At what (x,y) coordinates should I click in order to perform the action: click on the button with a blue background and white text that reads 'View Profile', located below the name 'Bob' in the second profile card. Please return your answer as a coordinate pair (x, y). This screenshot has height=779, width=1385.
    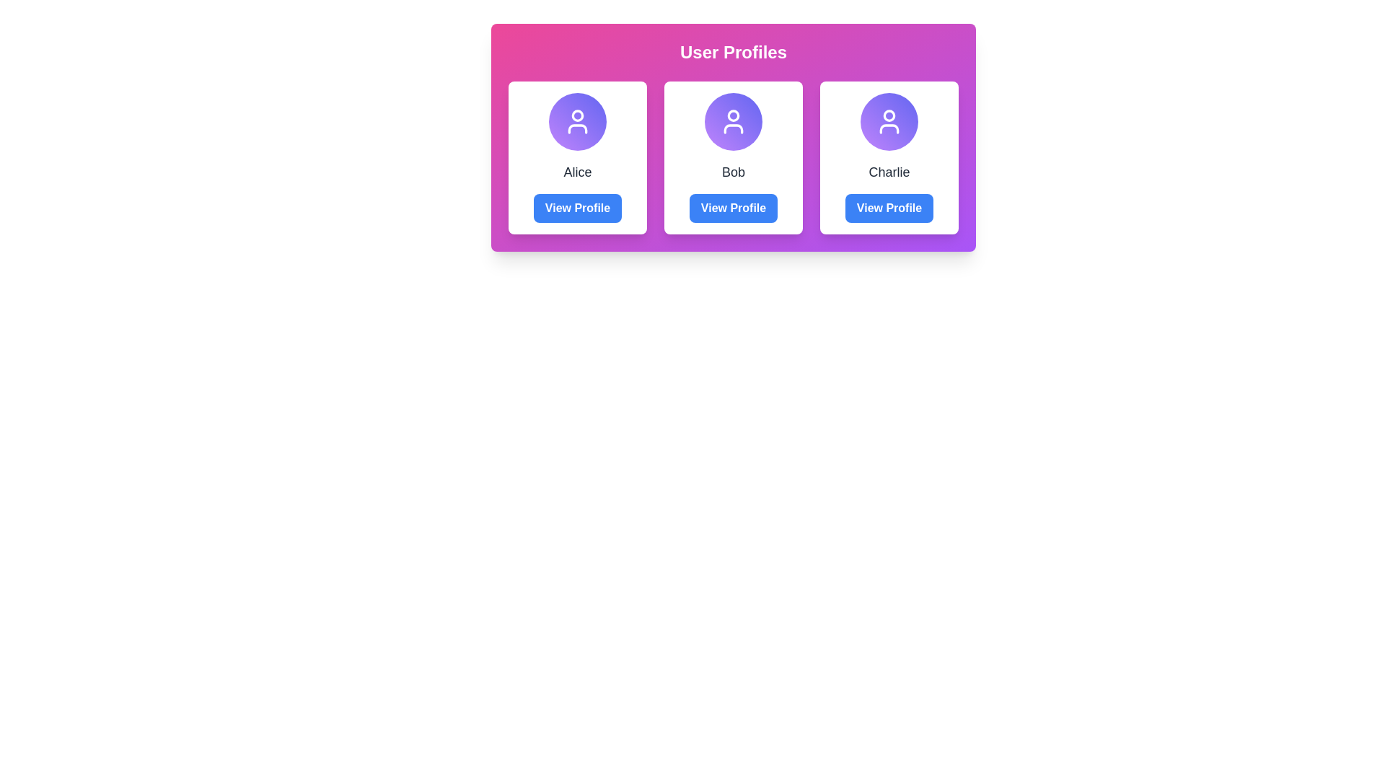
    Looking at the image, I should click on (734, 208).